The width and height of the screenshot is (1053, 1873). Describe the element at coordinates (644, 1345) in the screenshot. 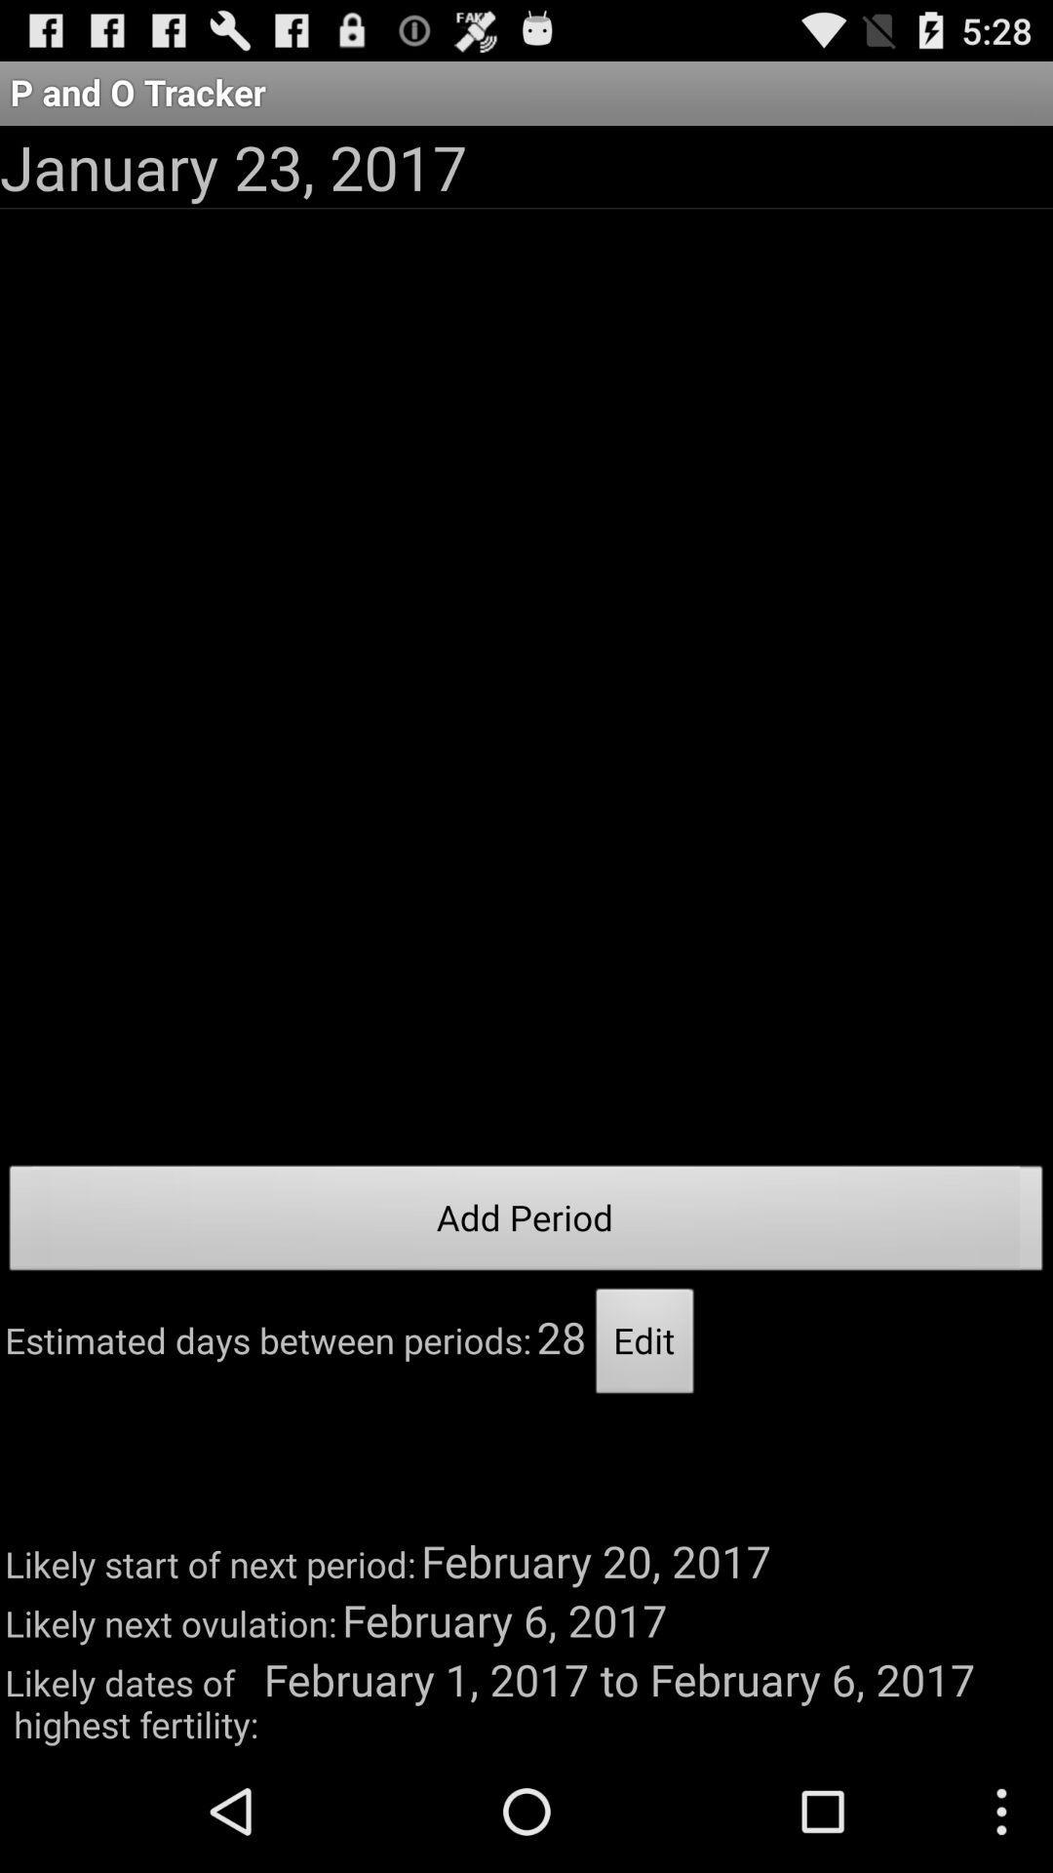

I see `the app to the right of 28 app` at that location.